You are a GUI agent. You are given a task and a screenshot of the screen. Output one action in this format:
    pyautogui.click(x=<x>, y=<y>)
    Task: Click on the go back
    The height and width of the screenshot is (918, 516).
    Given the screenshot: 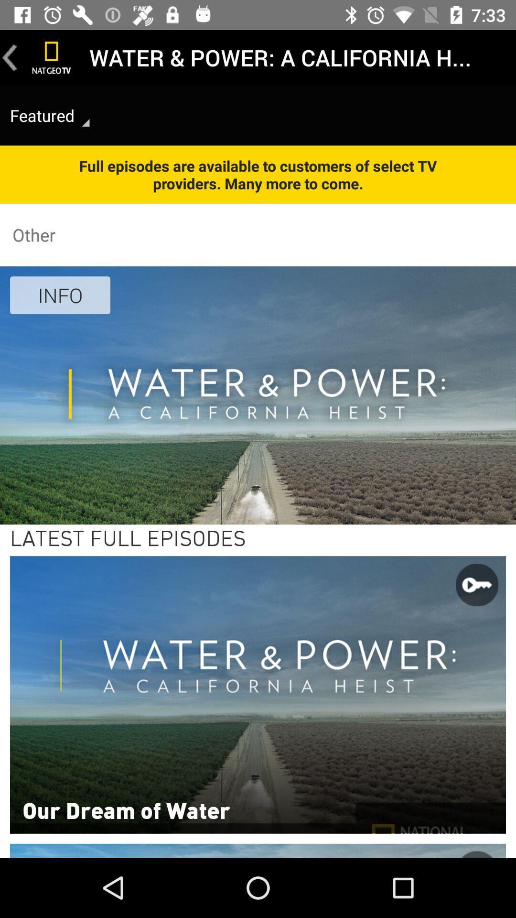 What is the action you would take?
    pyautogui.click(x=10, y=57)
    